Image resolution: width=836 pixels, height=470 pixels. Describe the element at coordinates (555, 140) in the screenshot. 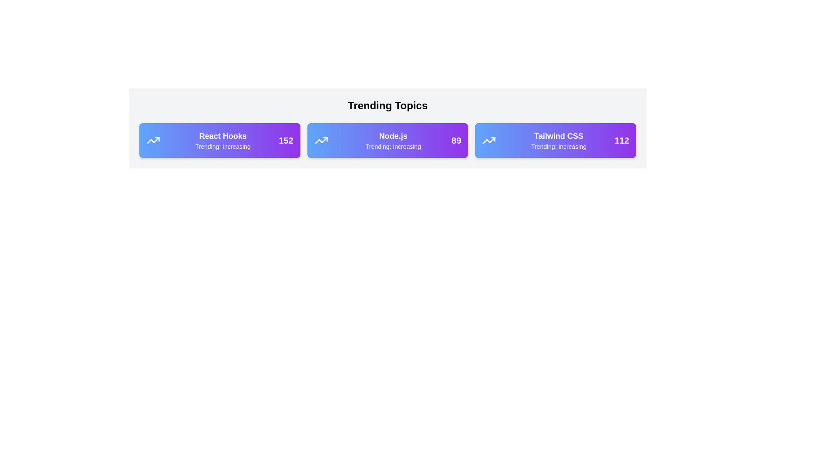

I see `the topic card for Tailwind CSS` at that location.